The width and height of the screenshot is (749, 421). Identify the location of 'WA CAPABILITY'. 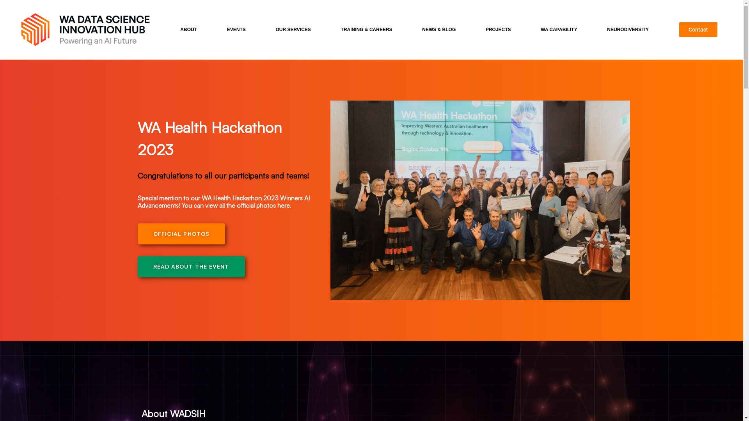
(561, 29).